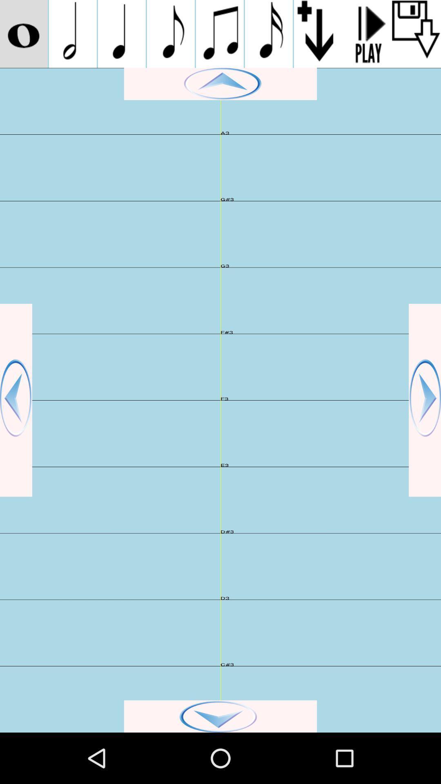 The width and height of the screenshot is (441, 784). What do you see at coordinates (269, 33) in the screenshot?
I see `semi-quaver` at bounding box center [269, 33].